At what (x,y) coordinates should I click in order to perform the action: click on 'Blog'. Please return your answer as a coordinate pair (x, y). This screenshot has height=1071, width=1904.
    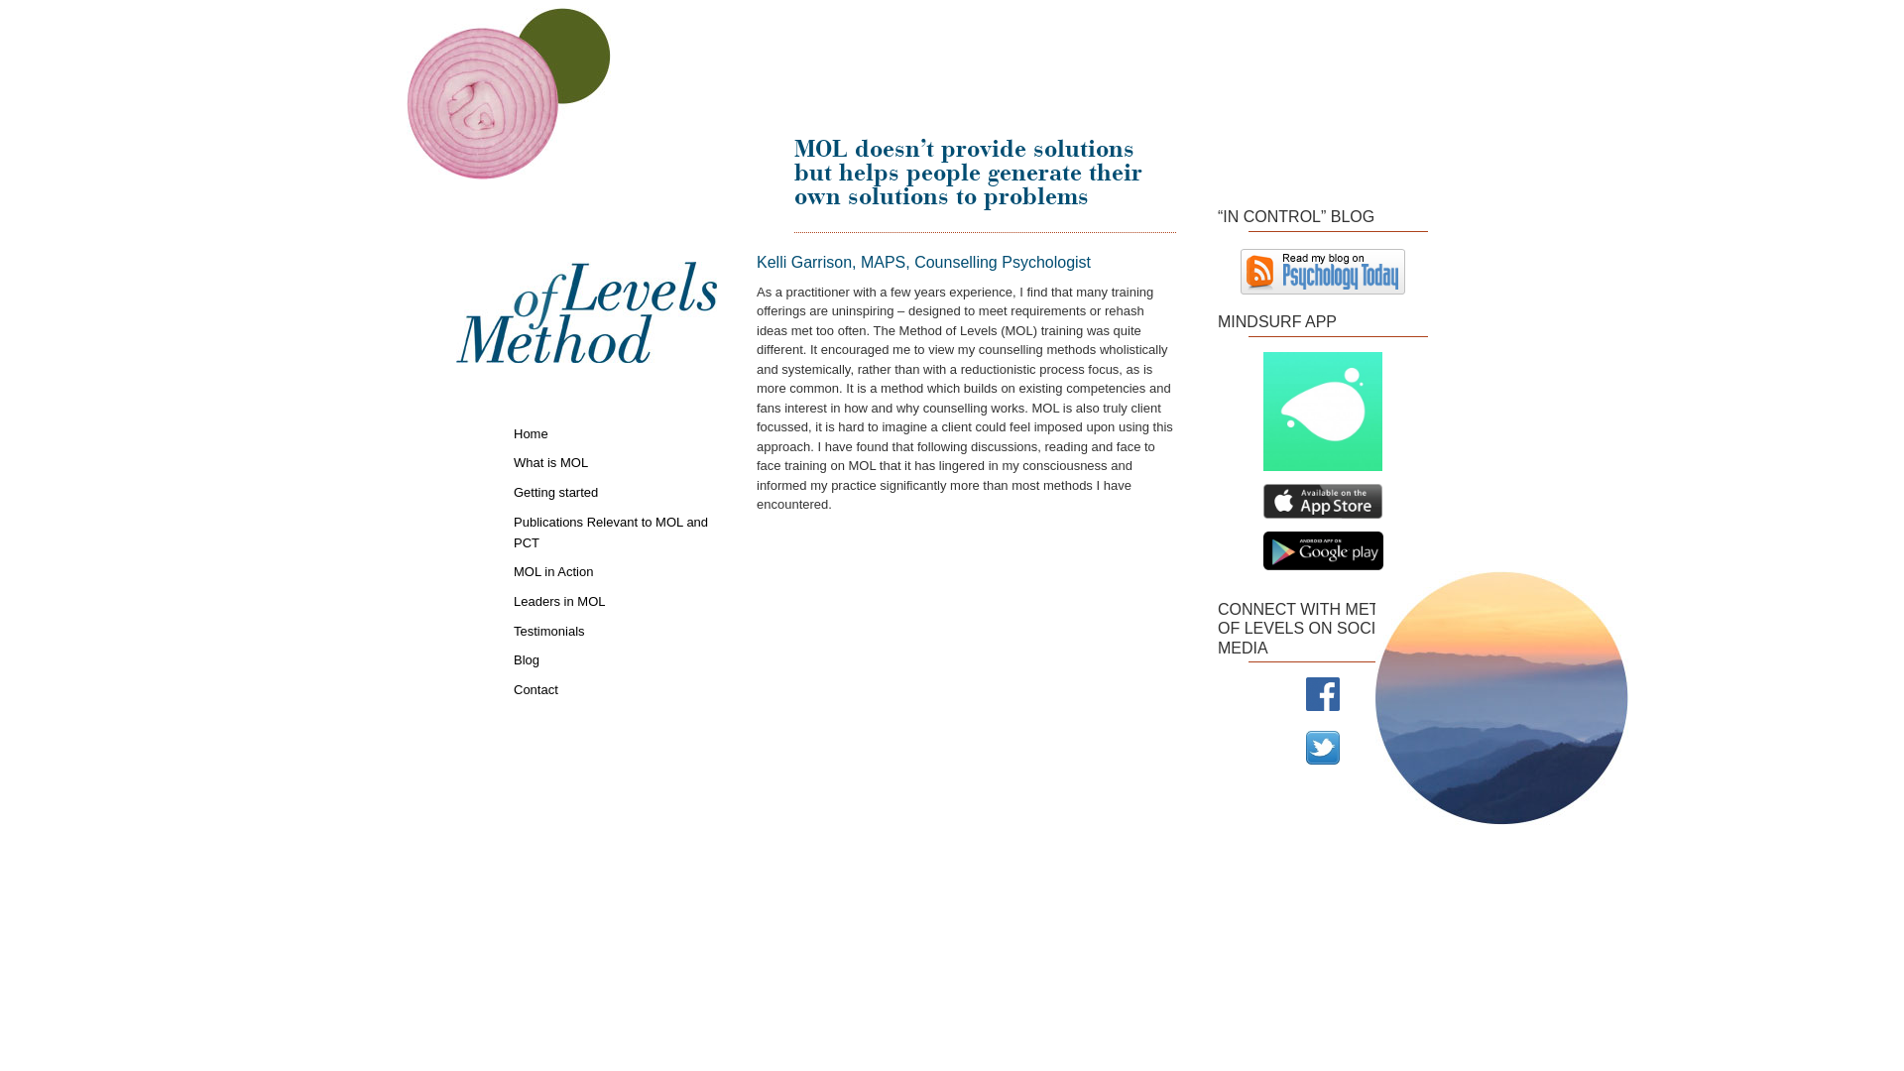
    Looking at the image, I should click on (614, 658).